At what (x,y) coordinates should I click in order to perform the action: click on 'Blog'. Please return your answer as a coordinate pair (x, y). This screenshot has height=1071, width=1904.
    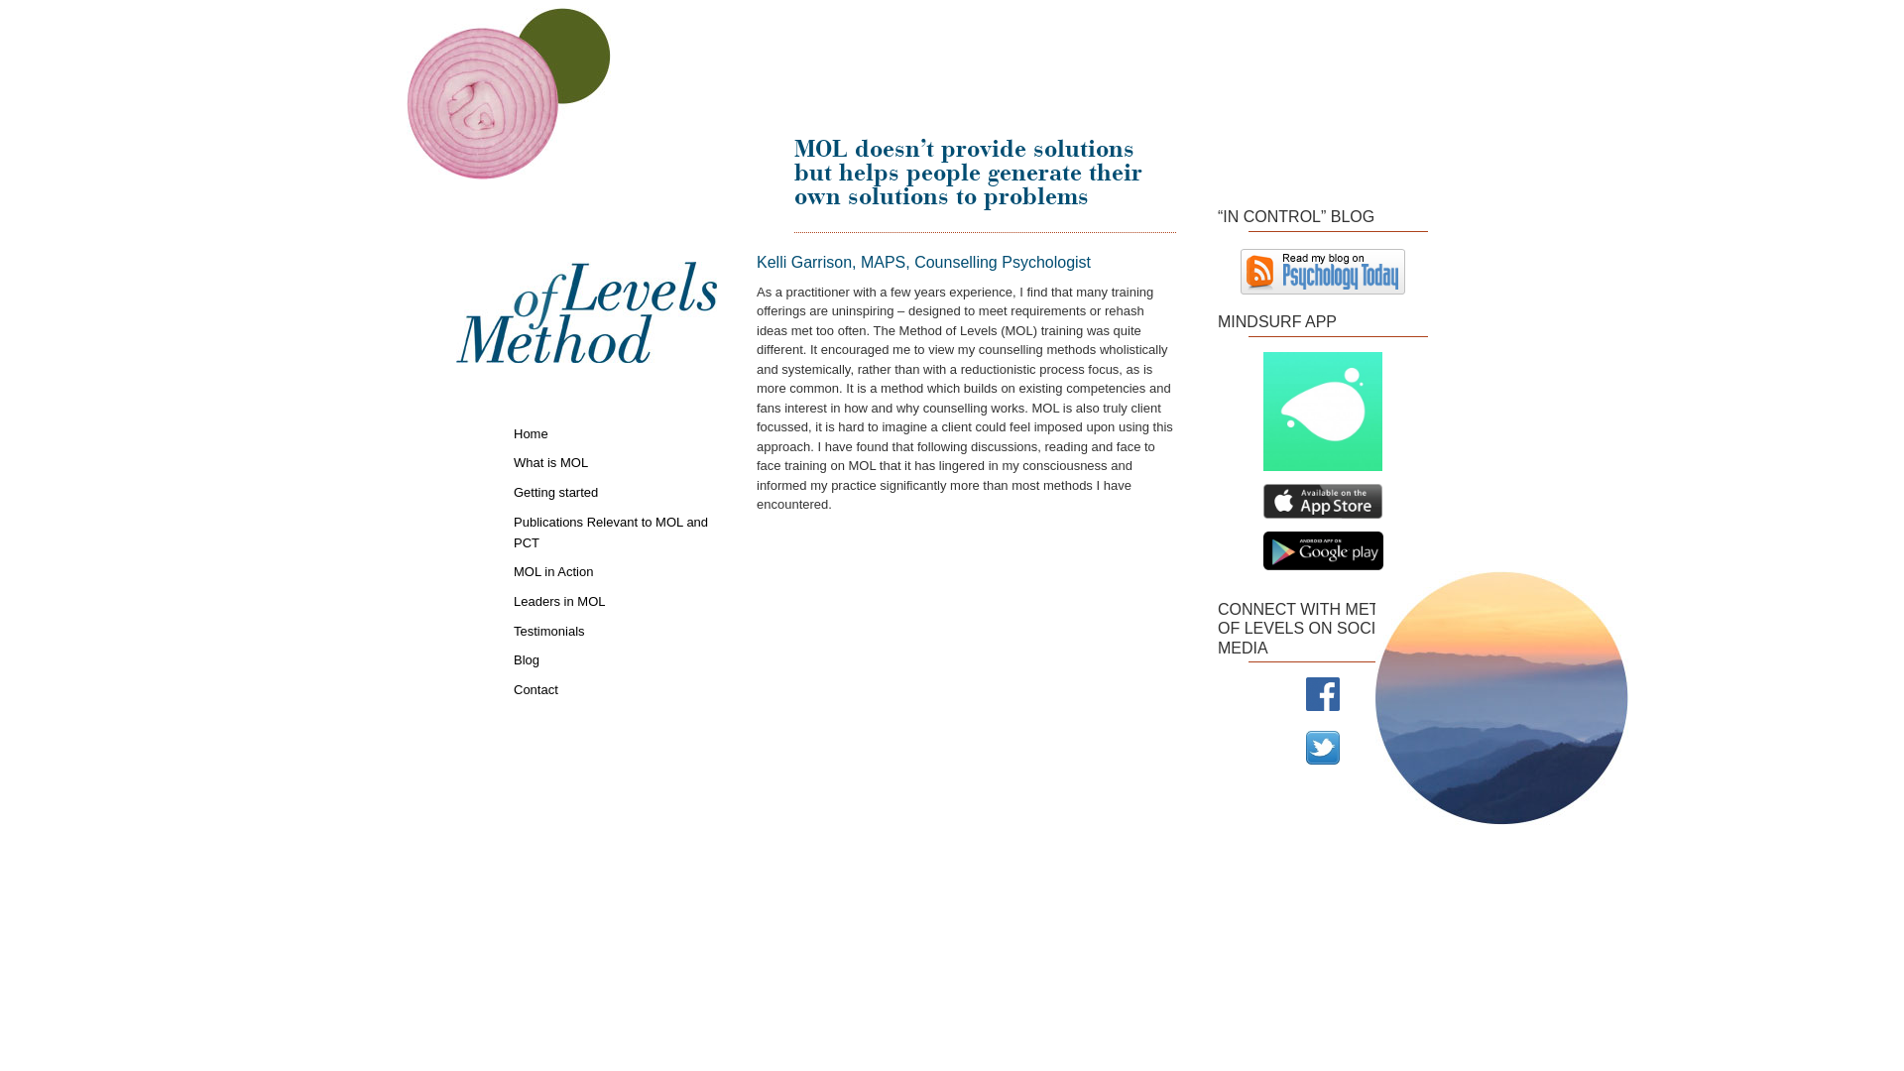
    Looking at the image, I should click on (614, 658).